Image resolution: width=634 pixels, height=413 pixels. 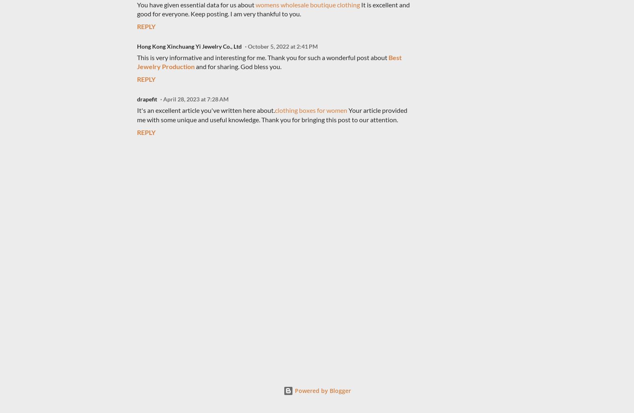 What do you see at coordinates (273, 9) in the screenshot?
I see `'It is excellent and good for everyone. Keep posting. I am very thankful to you.'` at bounding box center [273, 9].